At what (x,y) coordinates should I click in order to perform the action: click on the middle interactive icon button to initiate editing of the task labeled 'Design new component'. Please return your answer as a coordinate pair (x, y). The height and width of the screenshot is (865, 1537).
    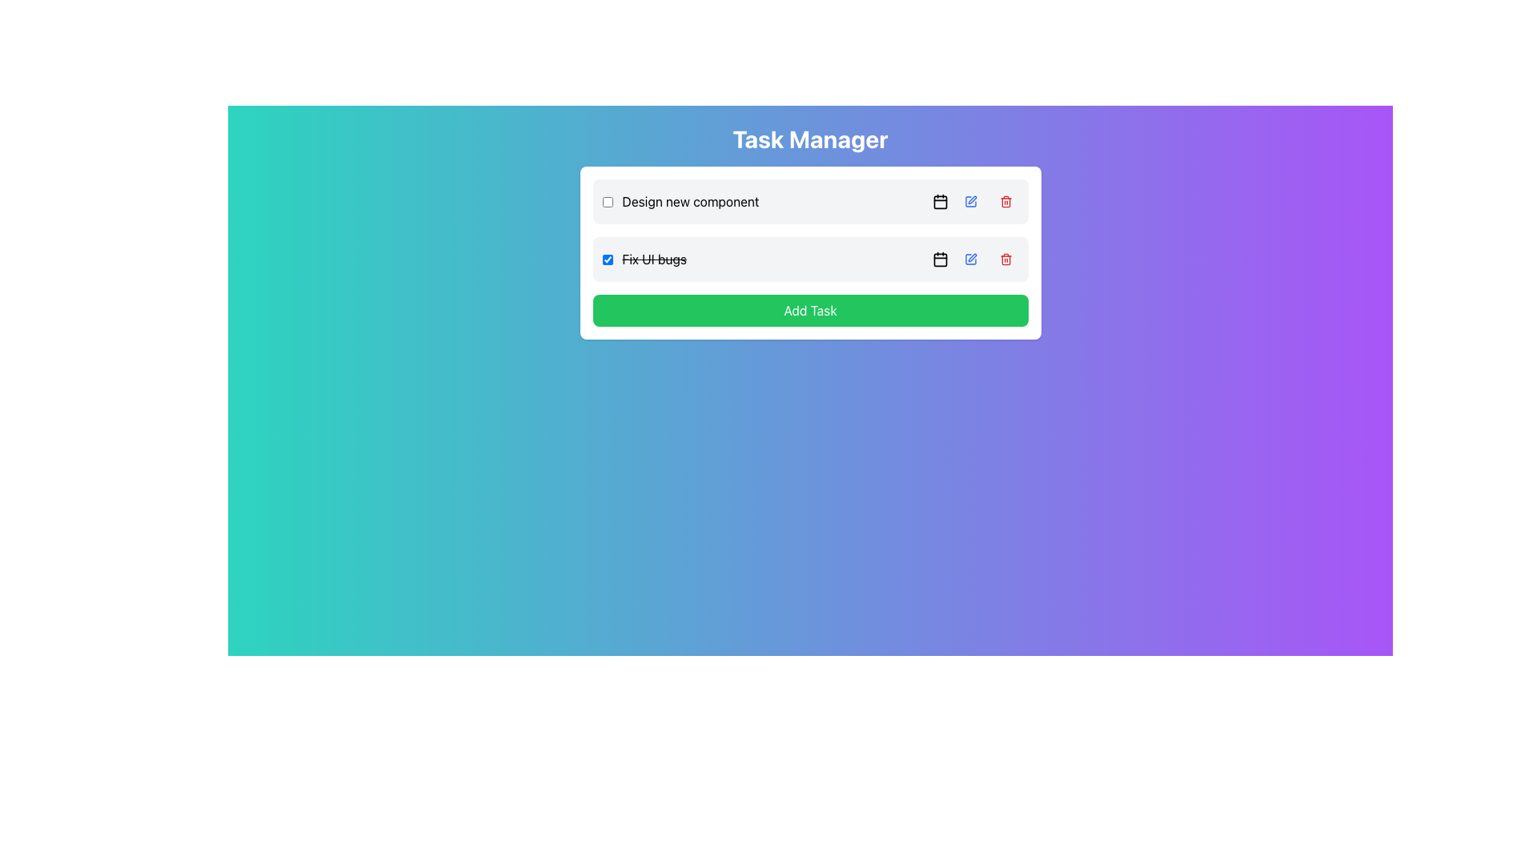
    Looking at the image, I should click on (974, 200).